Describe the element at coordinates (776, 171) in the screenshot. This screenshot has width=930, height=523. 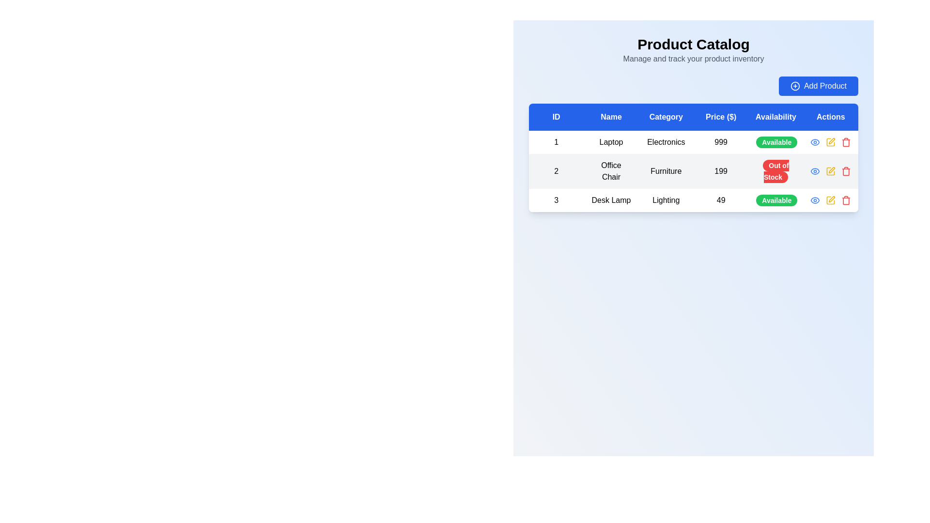
I see `the 'Availability' label indicating 'Out of Stock' status for the 'Office Chair' product located in the product catalog table` at that location.